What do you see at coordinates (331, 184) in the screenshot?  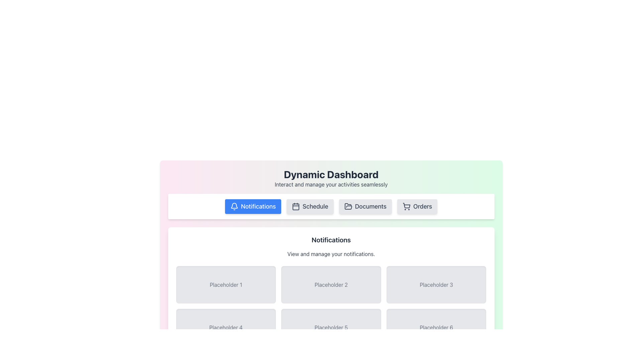 I see `static text element rendered in gray color and styled with a smaller font size, located directly below the 'Dynamic Dashboard' title` at bounding box center [331, 184].